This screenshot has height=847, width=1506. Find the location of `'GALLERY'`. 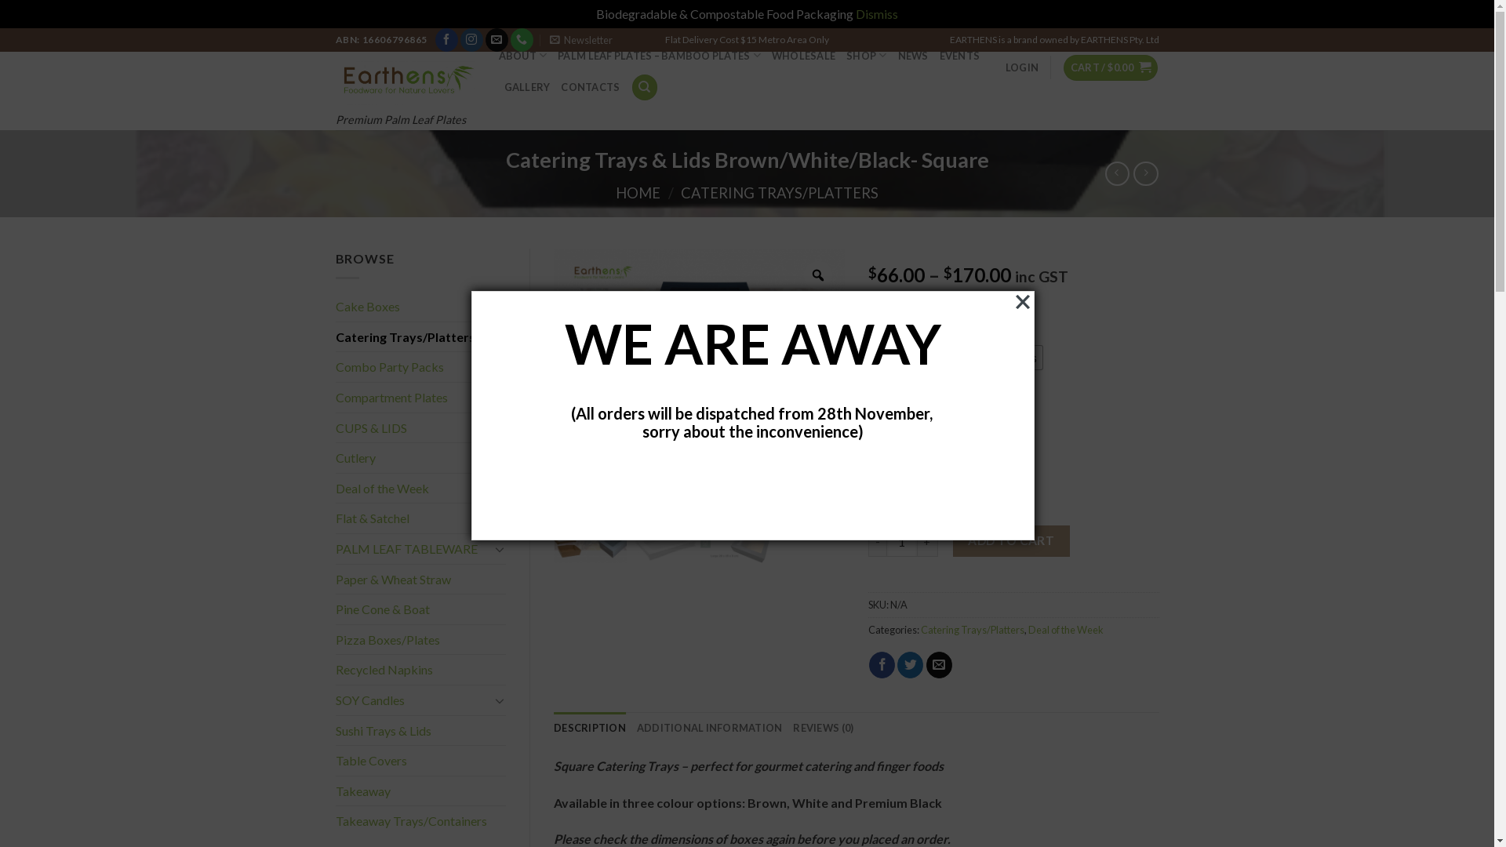

'GALLERY' is located at coordinates (526, 87).